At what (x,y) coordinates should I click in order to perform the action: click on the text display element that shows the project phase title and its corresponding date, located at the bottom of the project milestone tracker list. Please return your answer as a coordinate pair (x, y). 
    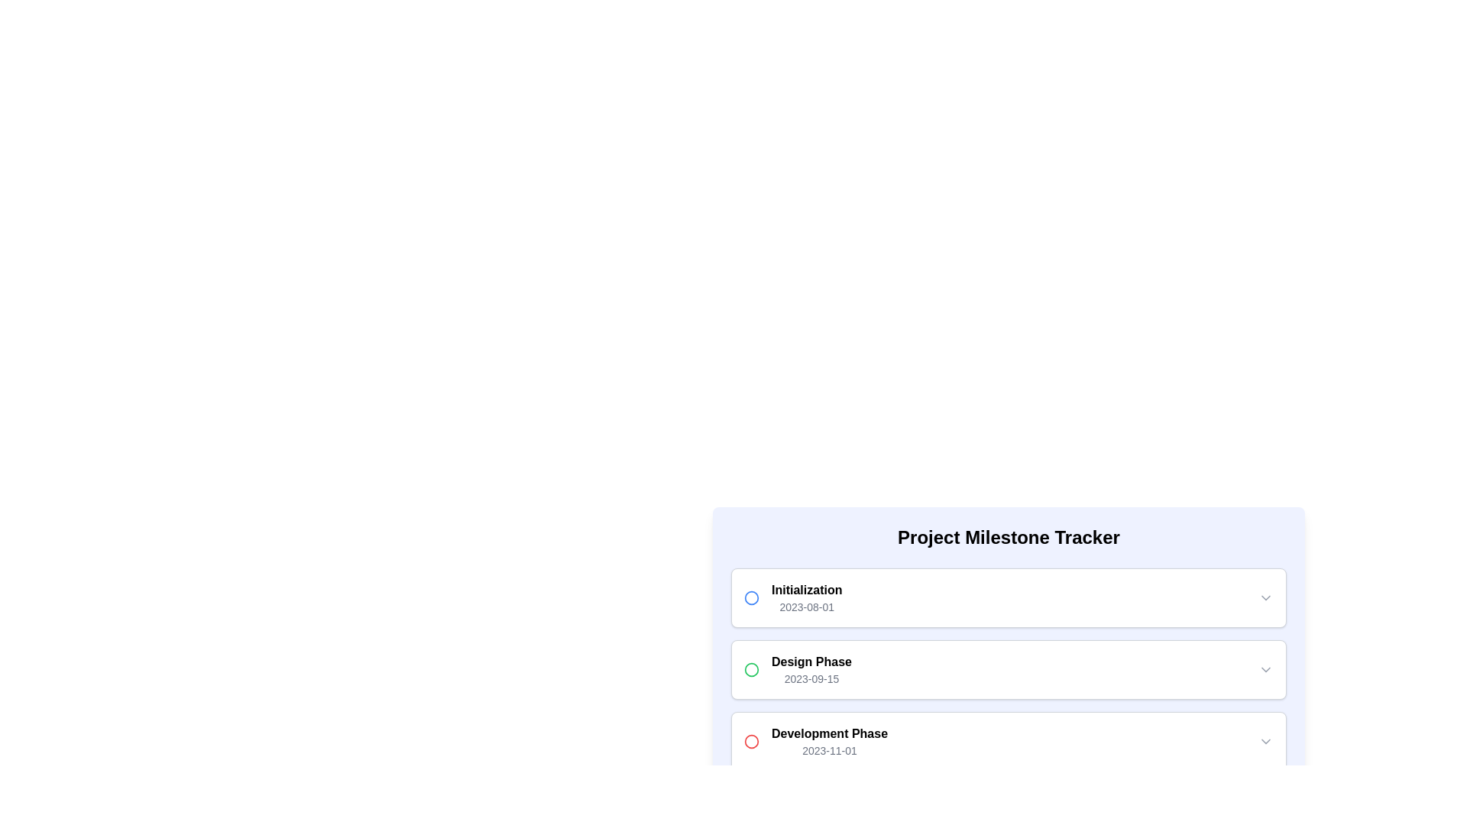
    Looking at the image, I should click on (828, 741).